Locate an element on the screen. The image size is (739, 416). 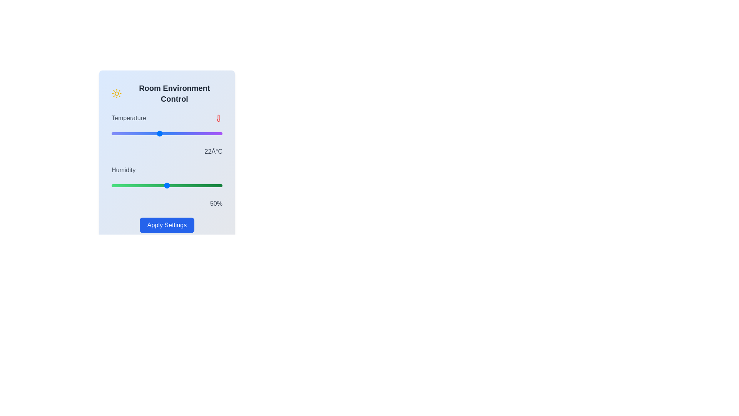
the humidity slider to set the humidity to 1% is located at coordinates (112, 186).